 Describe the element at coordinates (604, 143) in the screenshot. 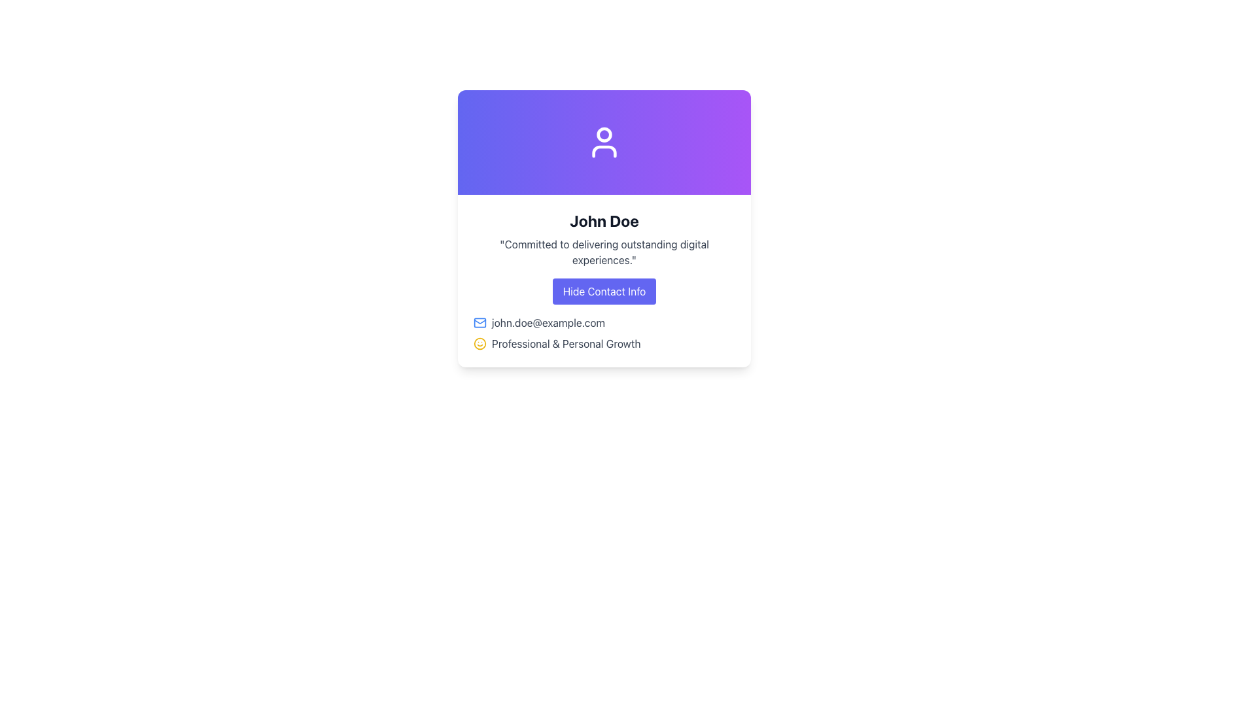

I see `the user profile icon located at the top center of the UI card, which serves as a visual representation of the account` at that location.